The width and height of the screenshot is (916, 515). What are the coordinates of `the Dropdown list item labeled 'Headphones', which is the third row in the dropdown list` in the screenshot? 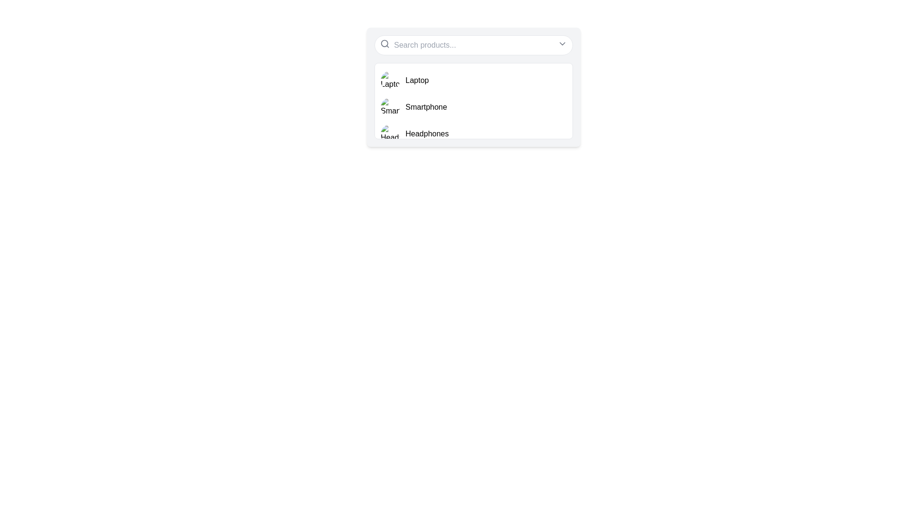 It's located at (474, 134).